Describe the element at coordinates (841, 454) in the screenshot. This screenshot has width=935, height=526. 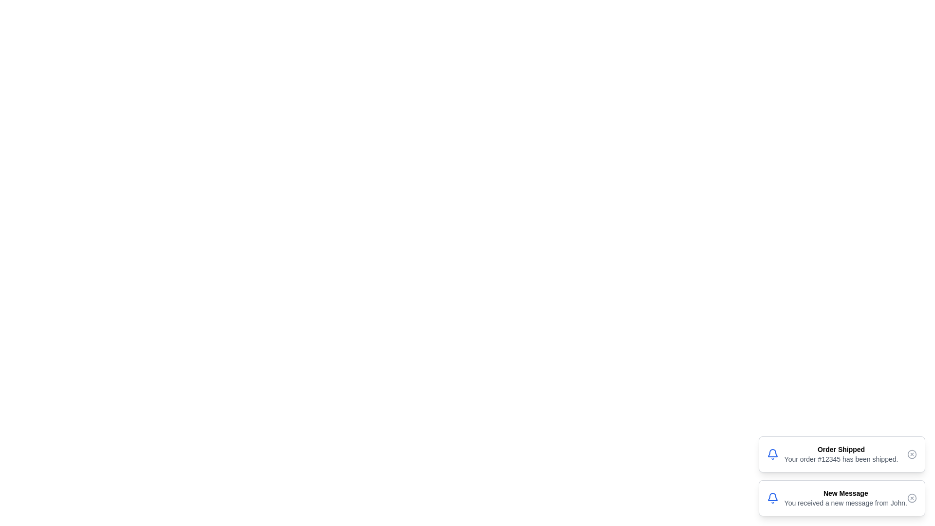
I see `the first notification for accessibility exploration` at that location.